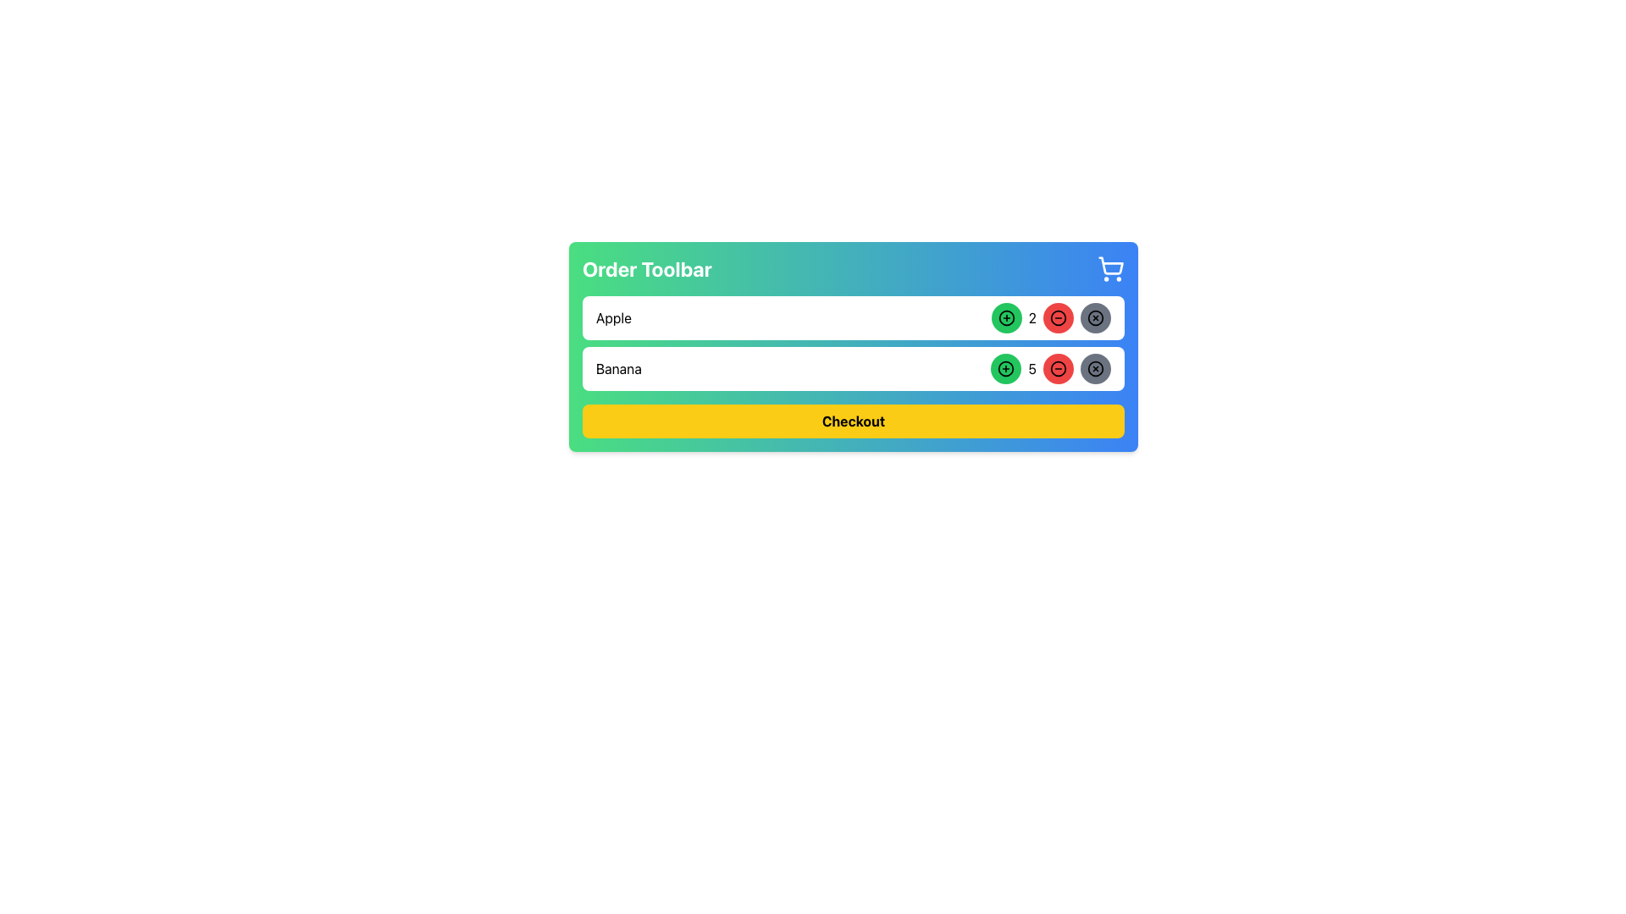 This screenshot has width=1626, height=914. I want to click on the circular gray button with a black cross symbol ('x'), so click(1096, 317).